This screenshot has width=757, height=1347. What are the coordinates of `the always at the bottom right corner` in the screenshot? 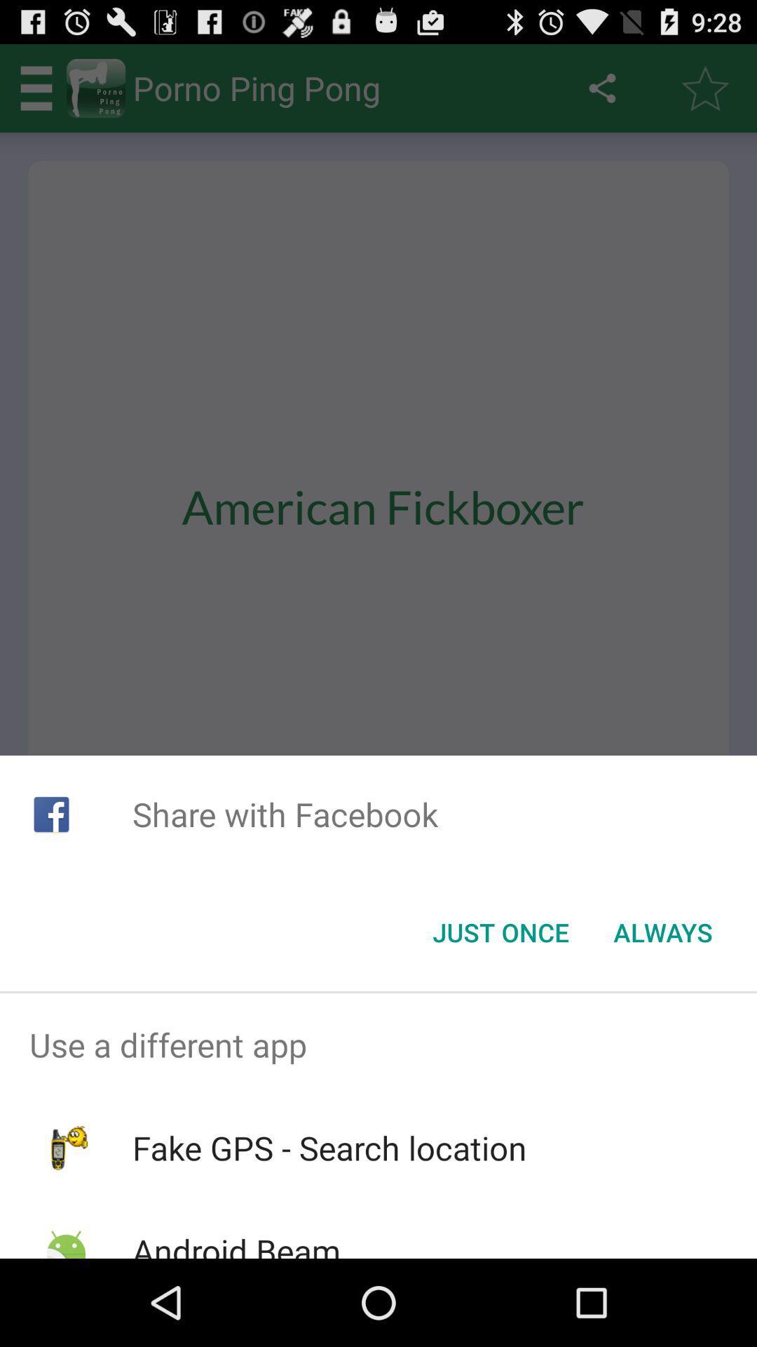 It's located at (662, 932).